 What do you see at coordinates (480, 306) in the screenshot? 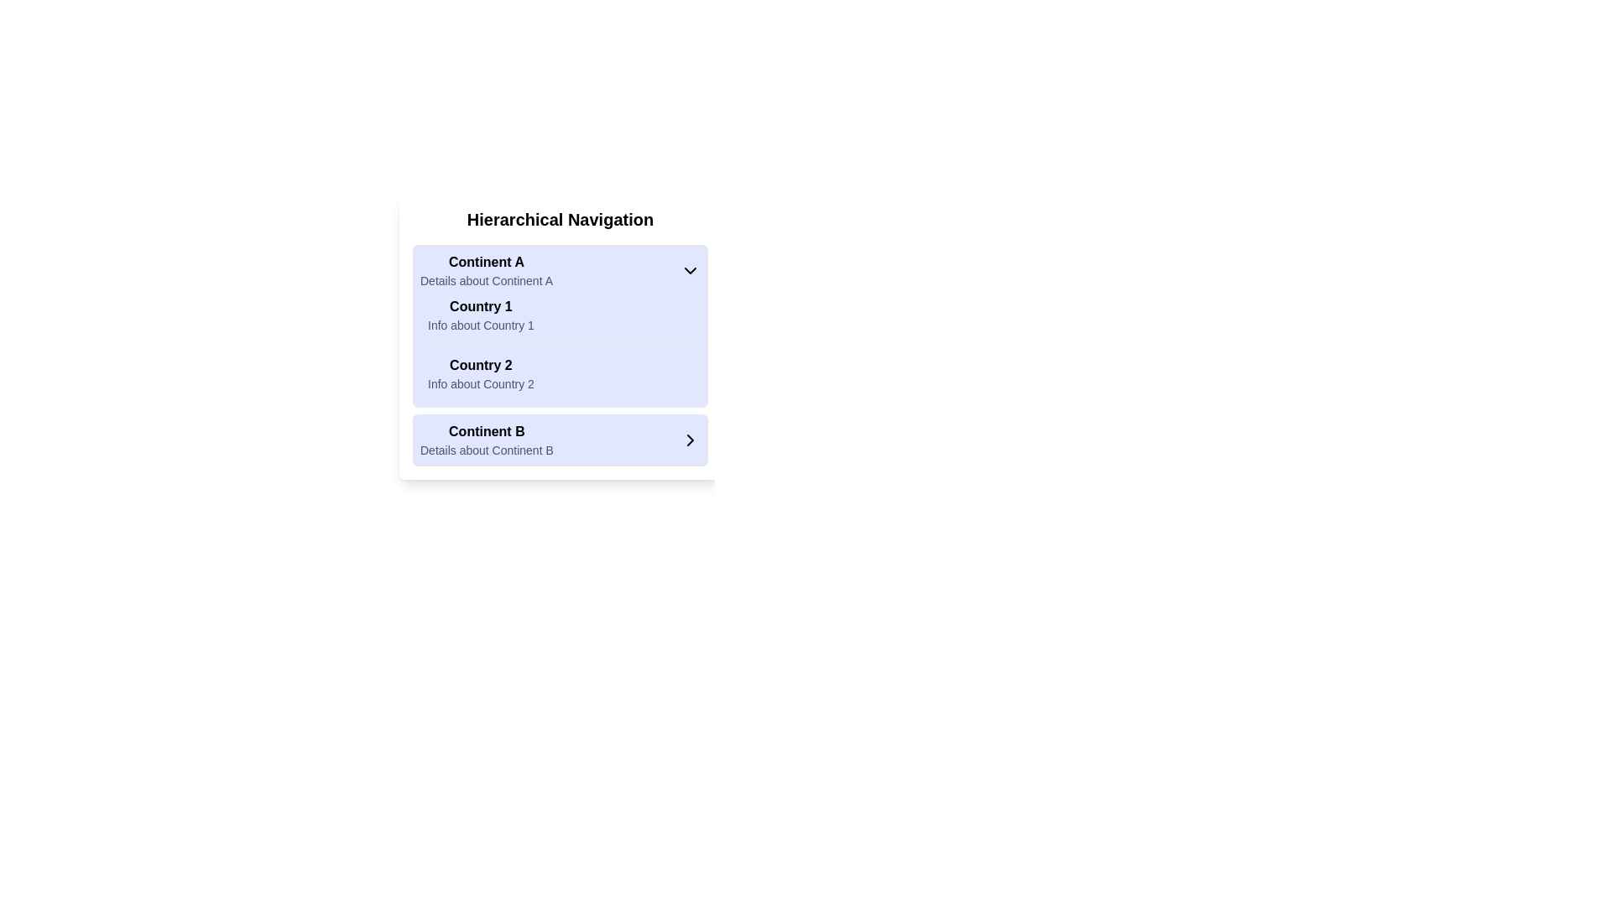
I see `the Text label representing a country name in the navigation panel, located under 'Continent A' and above 'Info about Country 1'` at bounding box center [480, 306].